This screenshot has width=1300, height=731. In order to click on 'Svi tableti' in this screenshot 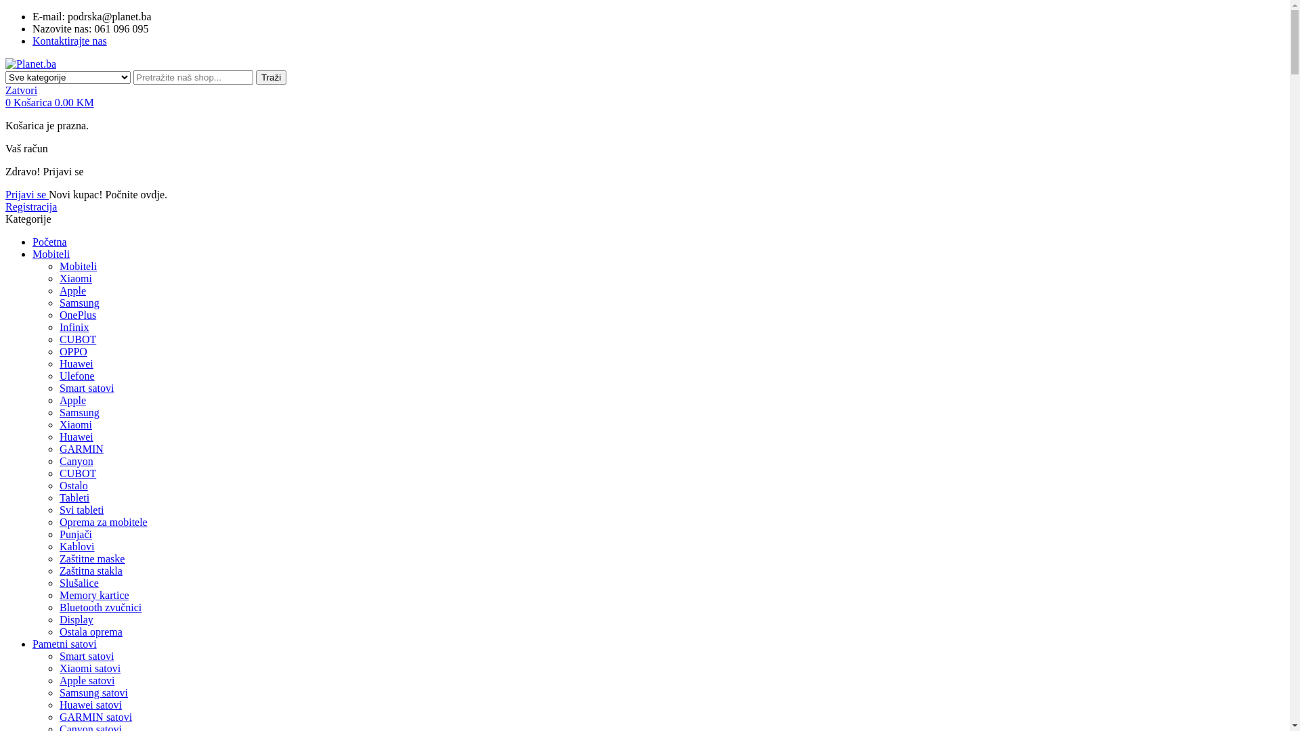, I will do `click(58, 510)`.